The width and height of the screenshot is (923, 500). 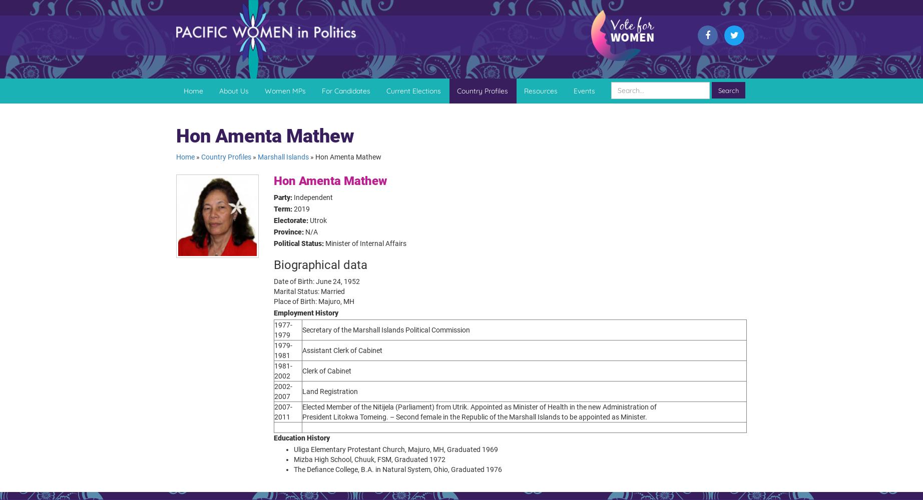 I want to click on 'Events', so click(x=574, y=90).